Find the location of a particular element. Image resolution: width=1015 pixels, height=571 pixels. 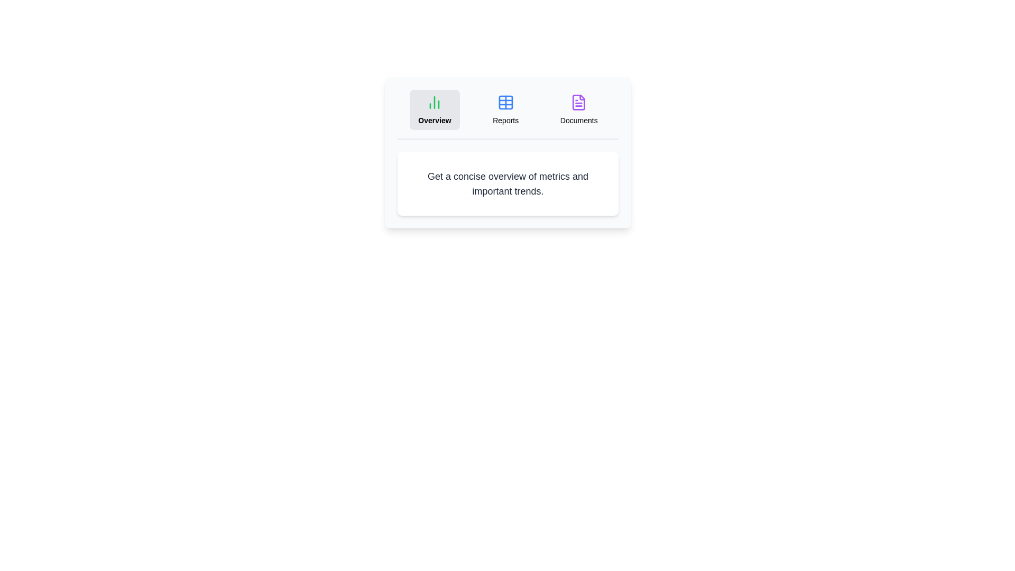

the Documents tab button to switch to the corresponding tab is located at coordinates (578, 110).